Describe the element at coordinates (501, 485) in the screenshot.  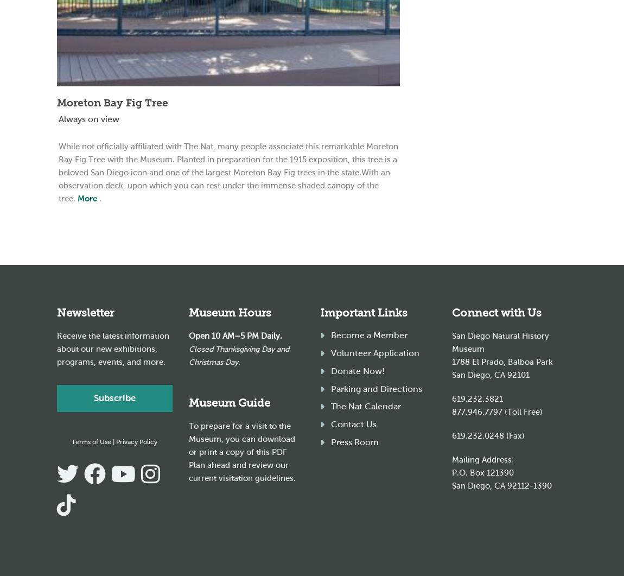
I see `'San Diego, CA 92112-1390'` at that location.